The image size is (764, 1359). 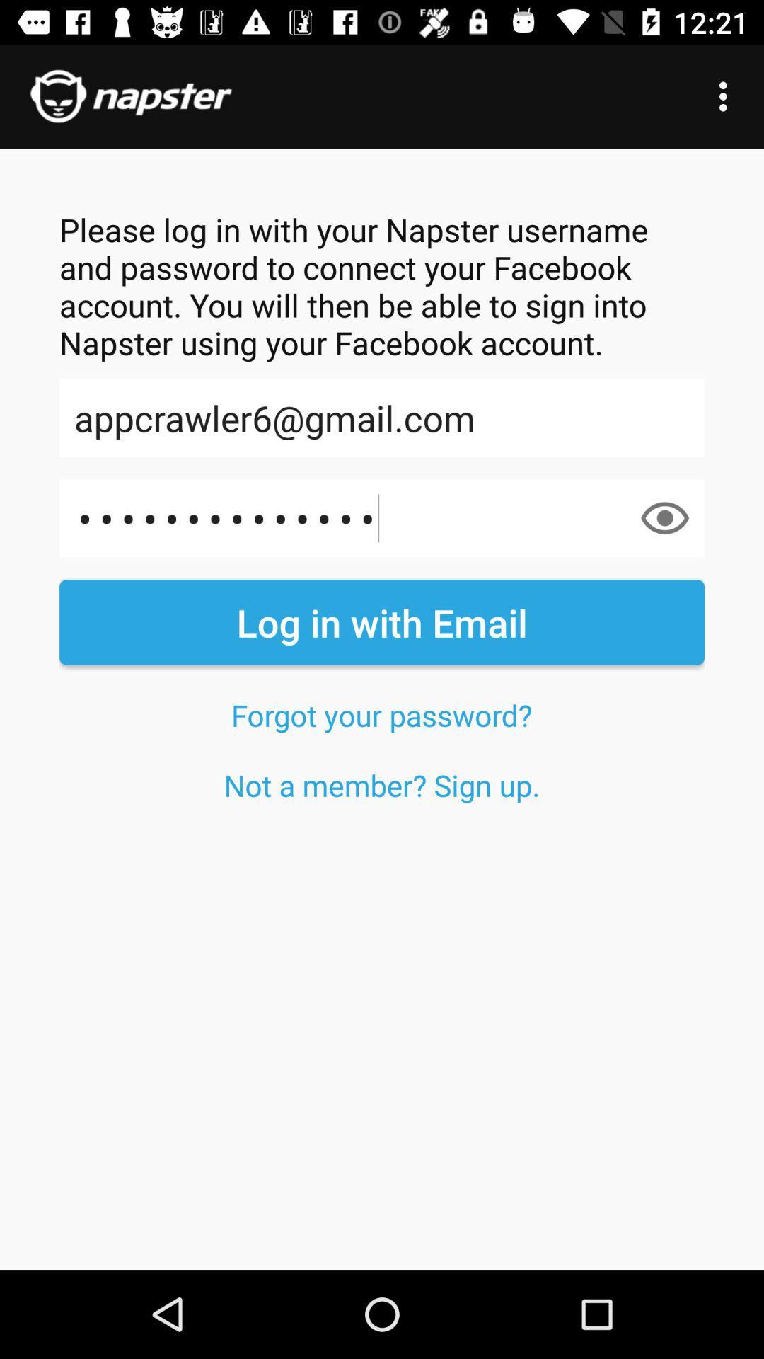 What do you see at coordinates (665, 517) in the screenshot?
I see `the icon below the appcrawler6@gmail.com item` at bounding box center [665, 517].